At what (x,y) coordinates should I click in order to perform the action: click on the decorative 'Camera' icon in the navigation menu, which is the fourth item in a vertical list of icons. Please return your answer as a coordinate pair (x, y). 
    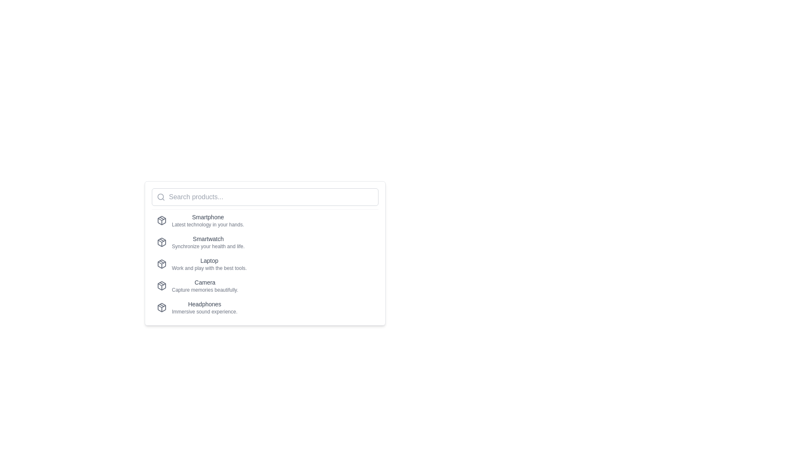
    Looking at the image, I should click on (162, 285).